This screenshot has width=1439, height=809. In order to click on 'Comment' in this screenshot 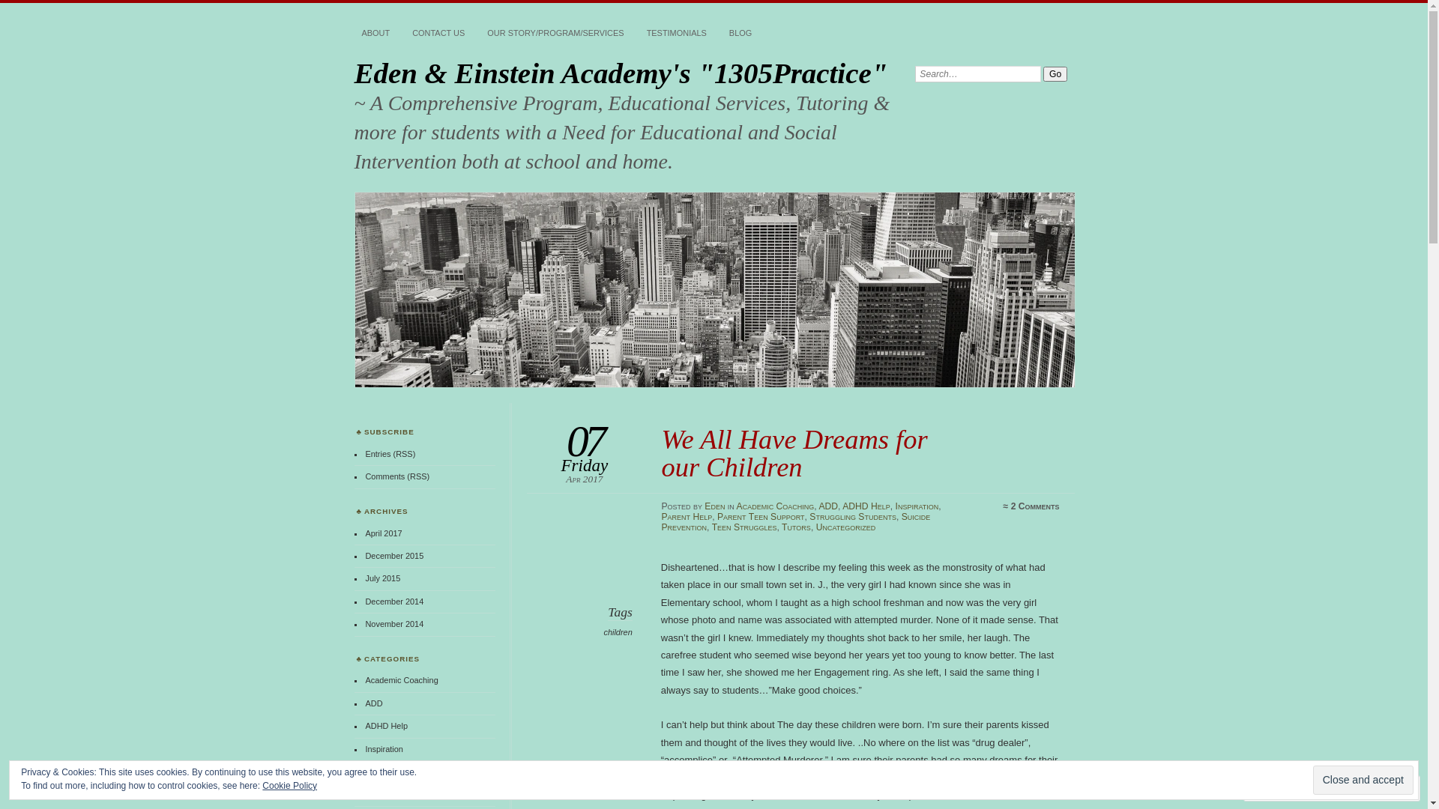, I will do `click(1283, 787)`.